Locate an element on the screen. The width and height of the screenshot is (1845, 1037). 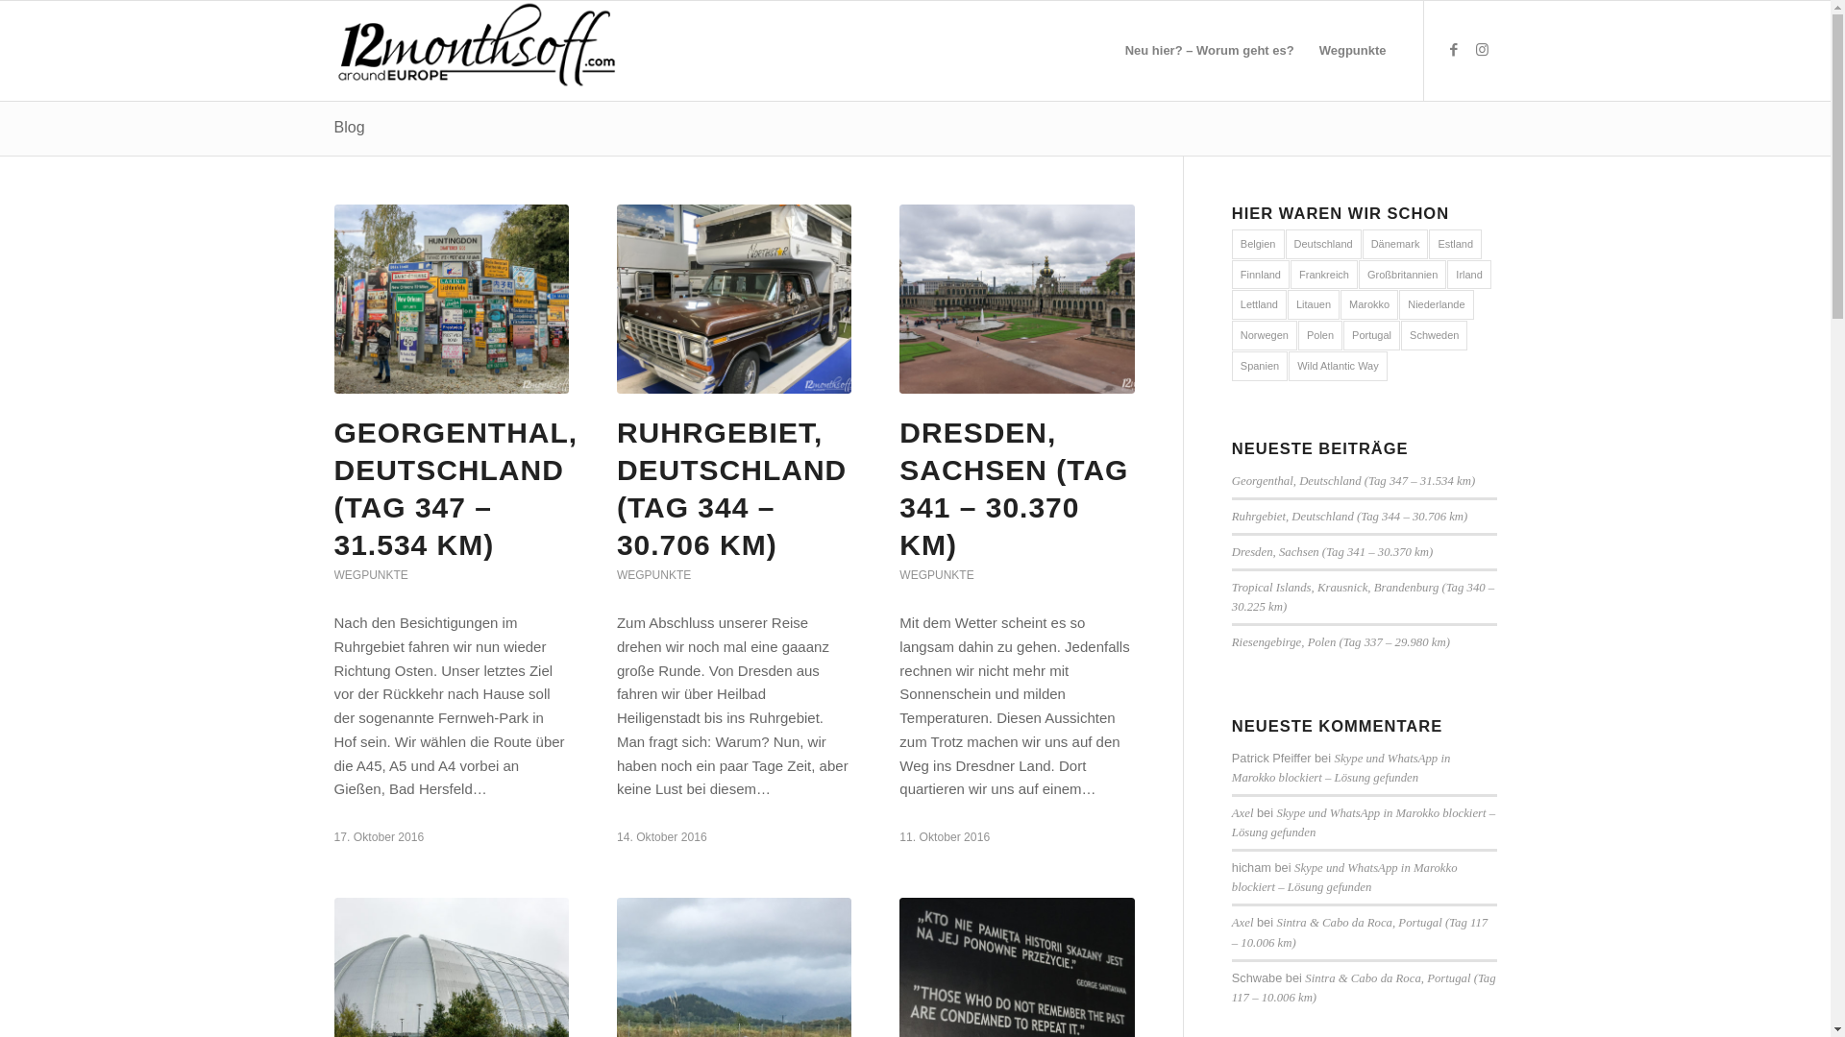
'Deutschland' is located at coordinates (1322, 243).